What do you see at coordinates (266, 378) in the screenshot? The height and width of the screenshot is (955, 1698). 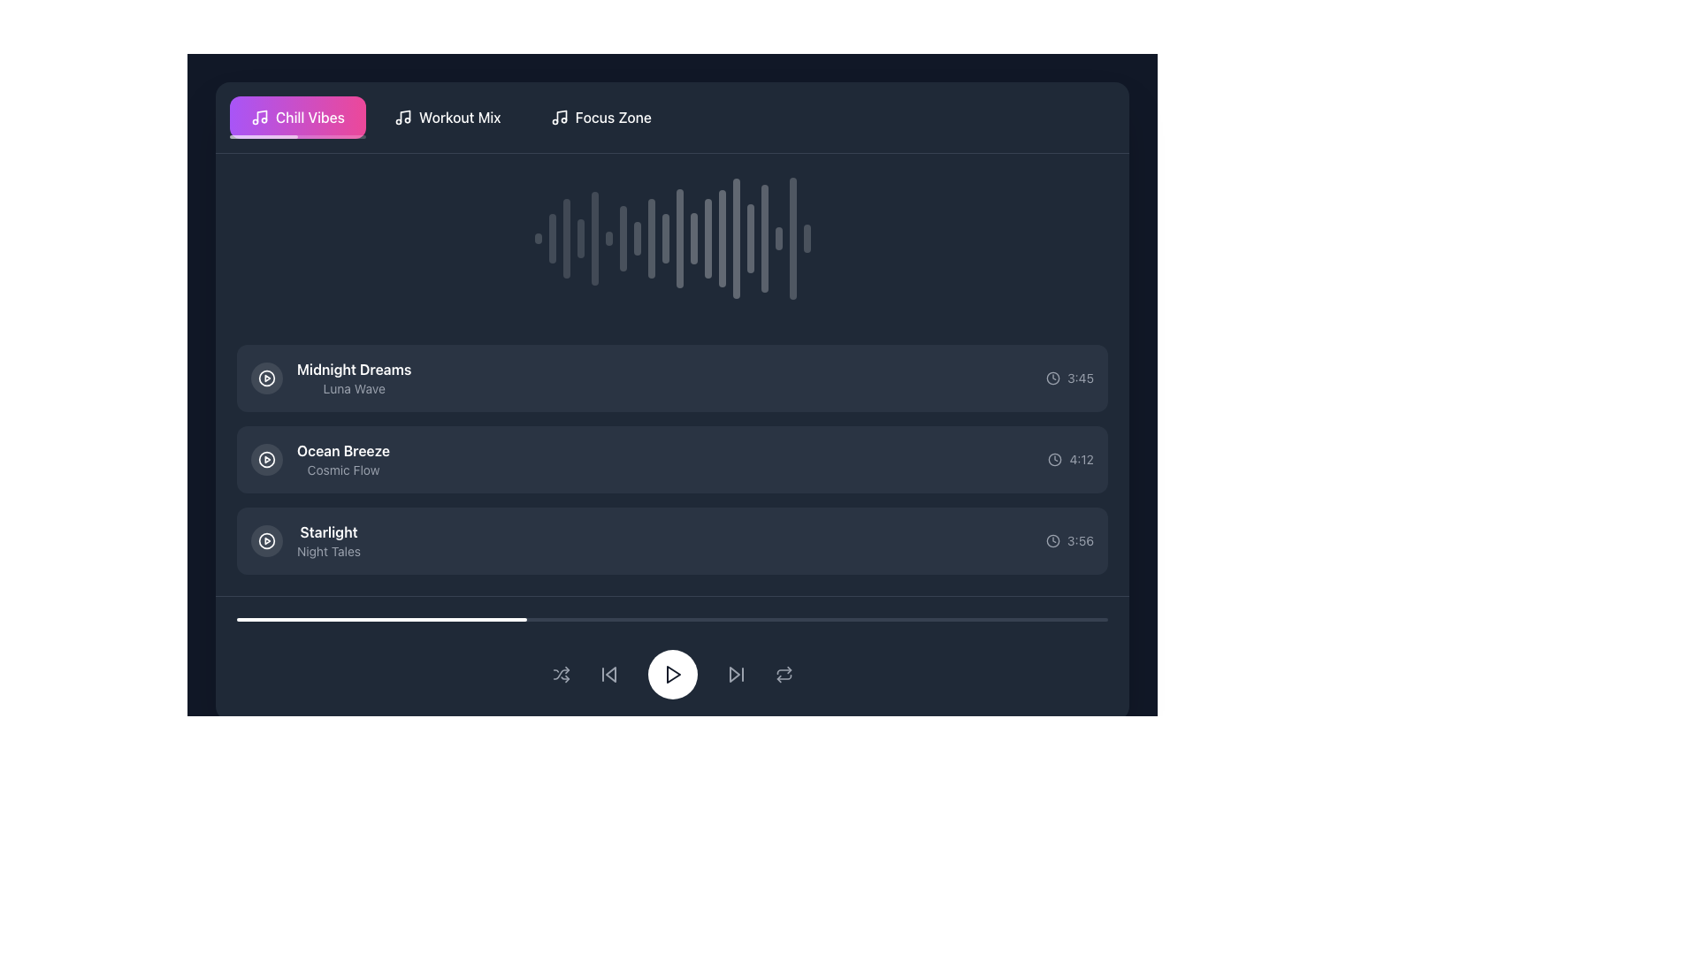 I see `the circular play button with a play icon located to the left of the text for the track 'Midnight Dreams - Luna Wave'` at bounding box center [266, 378].